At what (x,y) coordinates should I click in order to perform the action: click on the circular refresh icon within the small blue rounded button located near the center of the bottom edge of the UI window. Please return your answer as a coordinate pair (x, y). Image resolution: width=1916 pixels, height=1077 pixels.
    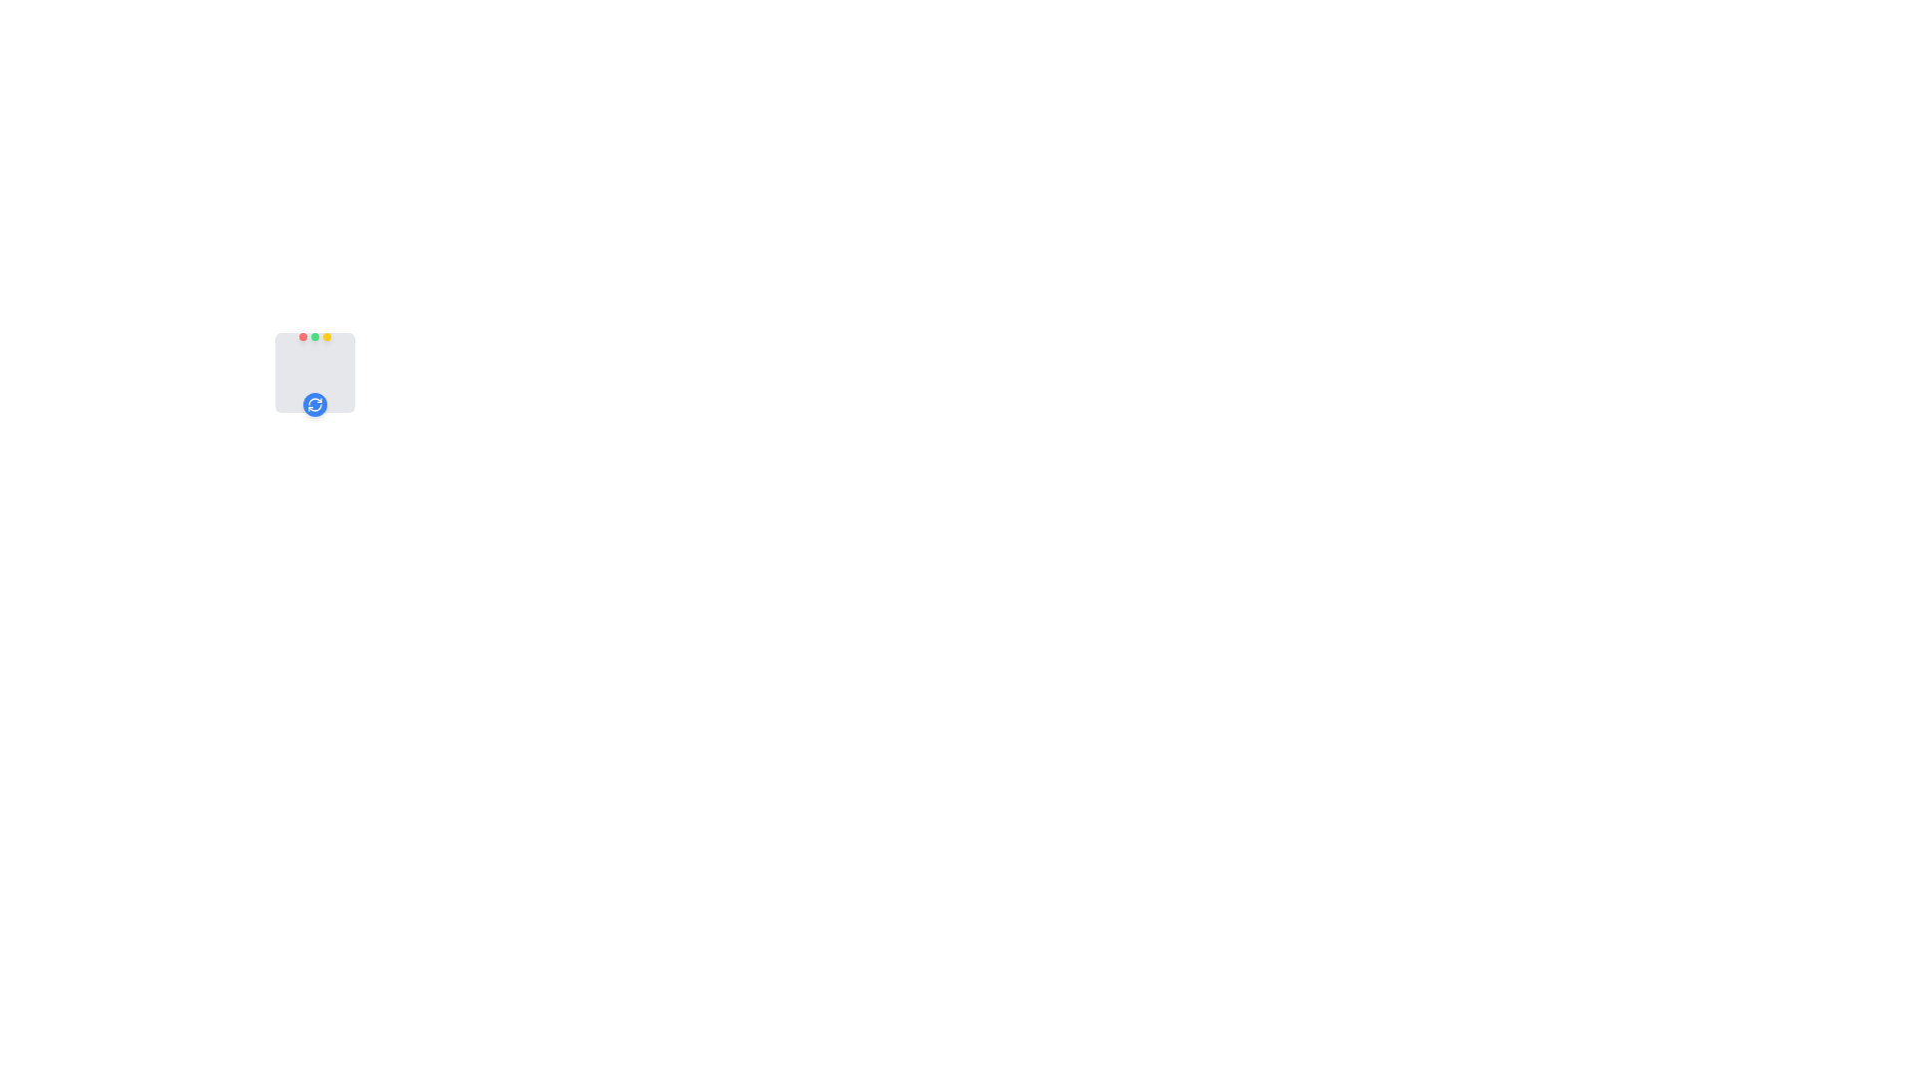
    Looking at the image, I should click on (314, 404).